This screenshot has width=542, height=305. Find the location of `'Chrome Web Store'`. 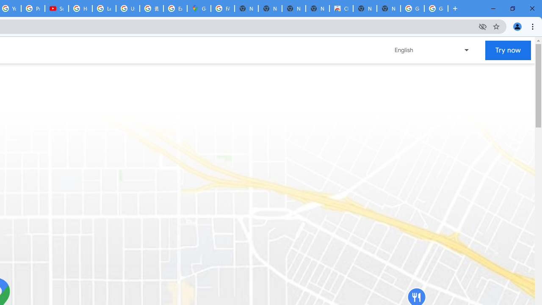

'Chrome Web Store' is located at coordinates (341, 8).